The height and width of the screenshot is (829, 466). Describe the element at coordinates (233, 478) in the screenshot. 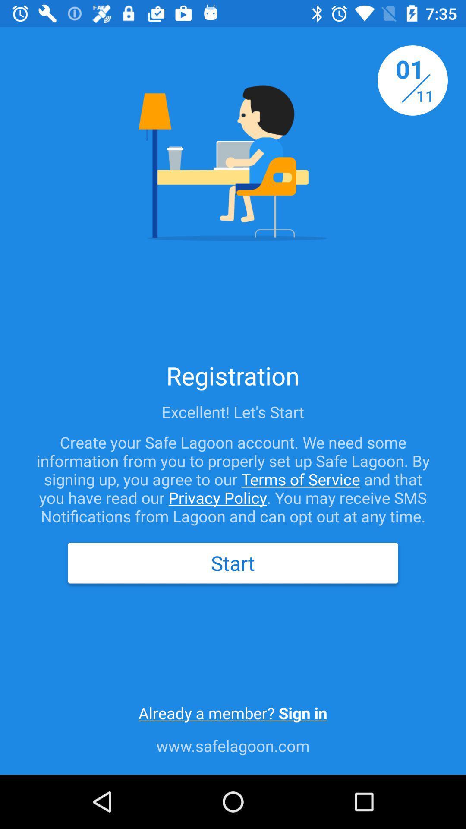

I see `icon below the excellent let s icon` at that location.